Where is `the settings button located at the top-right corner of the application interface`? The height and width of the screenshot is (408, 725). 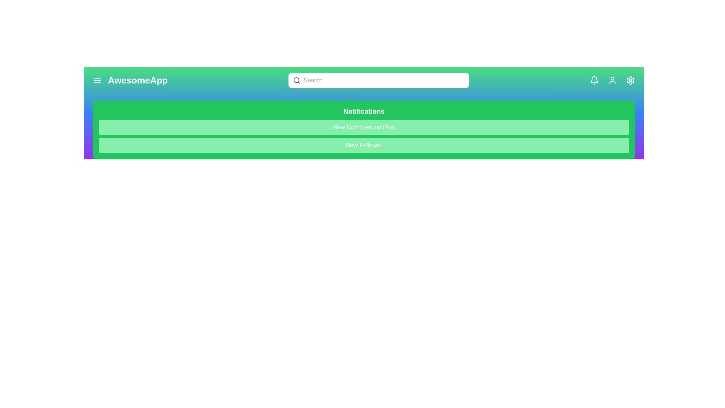 the settings button located at the top-right corner of the application interface is located at coordinates (631, 80).